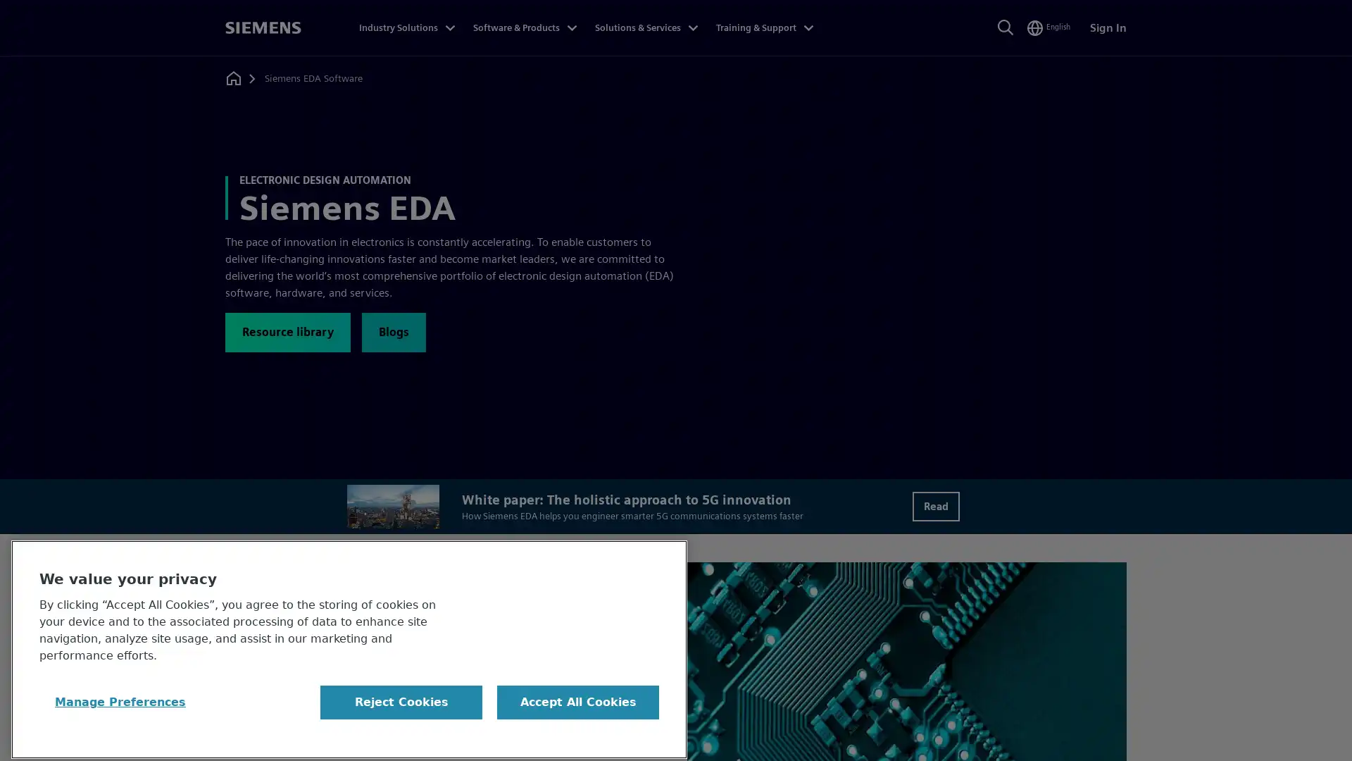 Image resolution: width=1352 pixels, height=761 pixels. I want to click on Blogs, so click(394, 332).